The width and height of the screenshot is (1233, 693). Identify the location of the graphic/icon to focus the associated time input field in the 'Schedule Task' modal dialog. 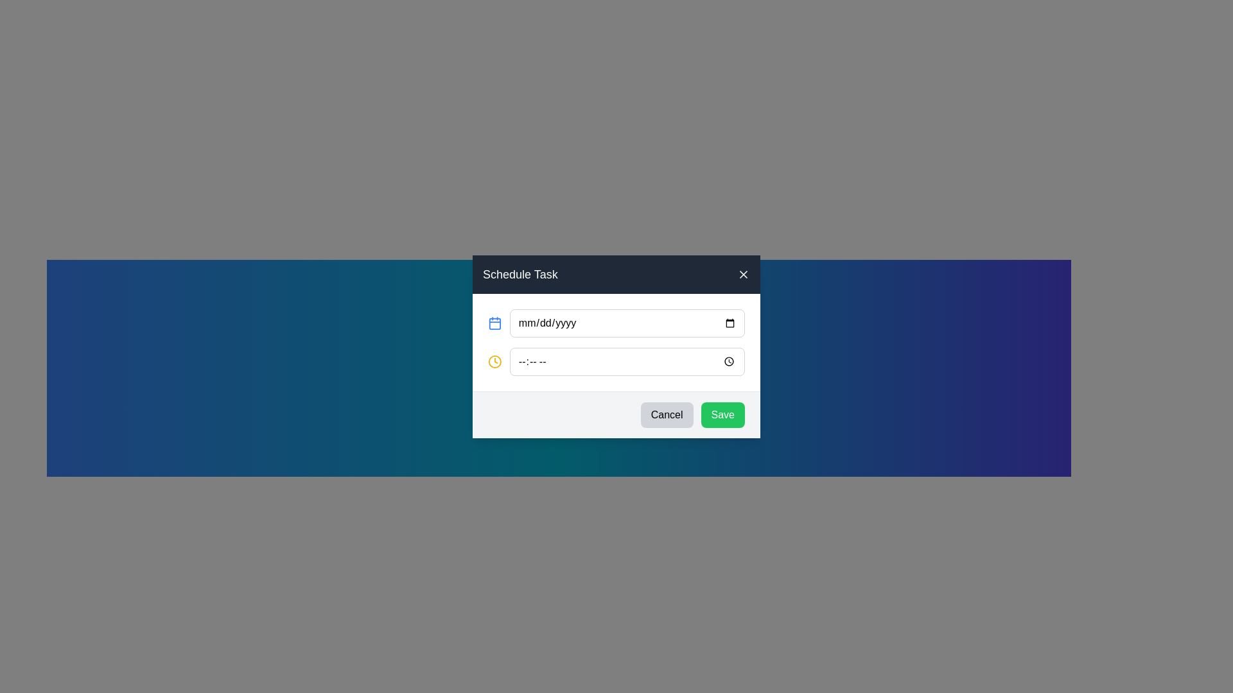
(494, 361).